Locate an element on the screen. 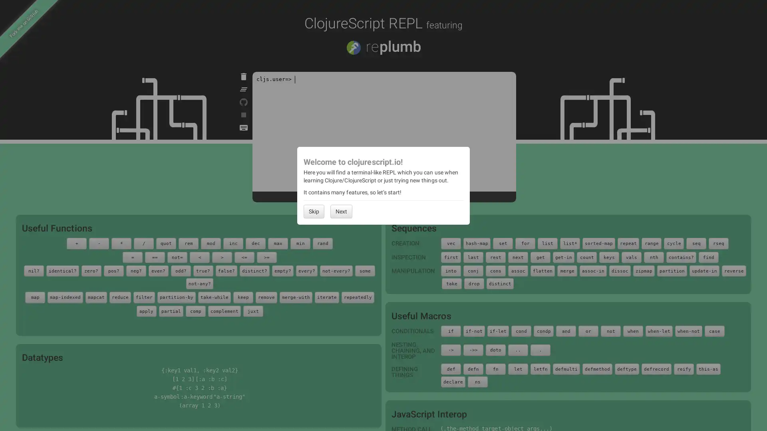  map is located at coordinates (34, 297).